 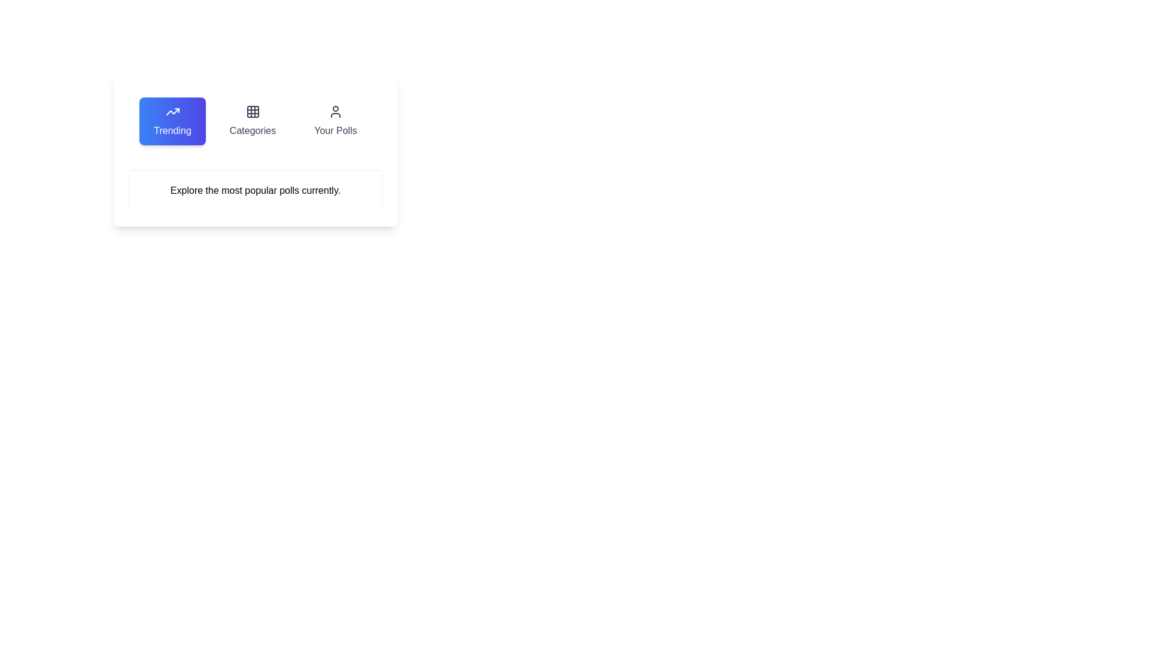 I want to click on the tab labeled 'Trending' to switch to the corresponding section, so click(x=172, y=121).